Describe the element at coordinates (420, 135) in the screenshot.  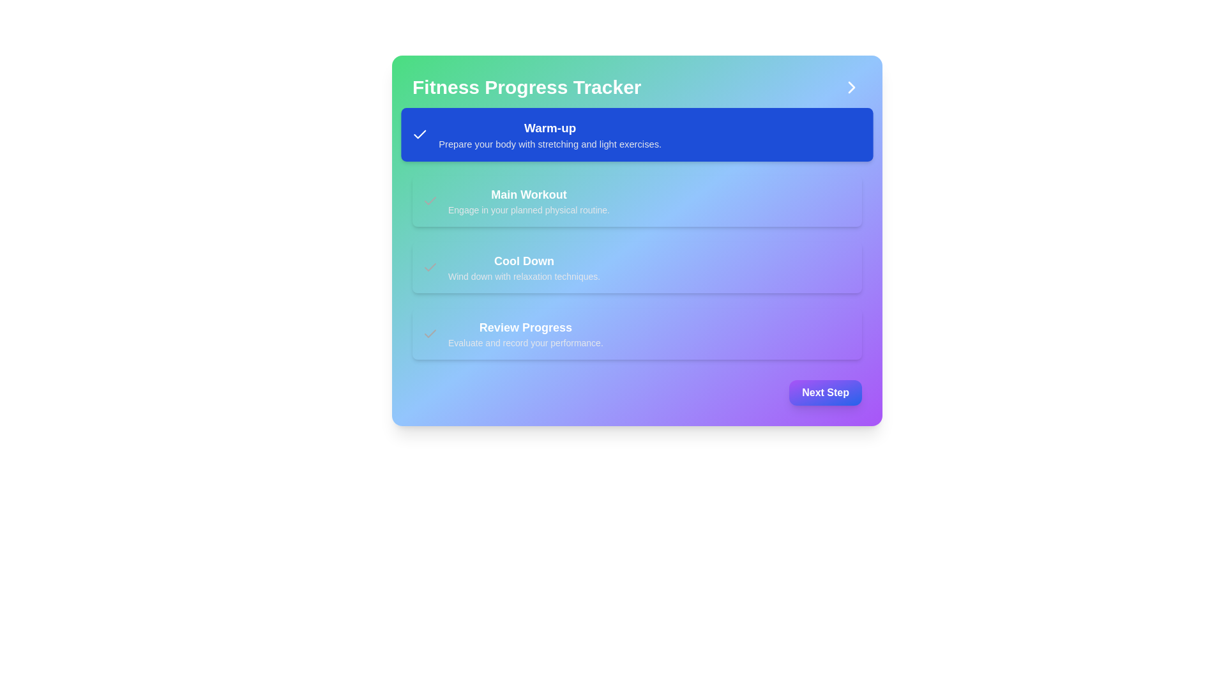
I see `the completion checkmark icon indicating the 'Warm-up' activity in the fitness progress tracker, located to the left of the text 'Warm-up' within the blue section` at that location.